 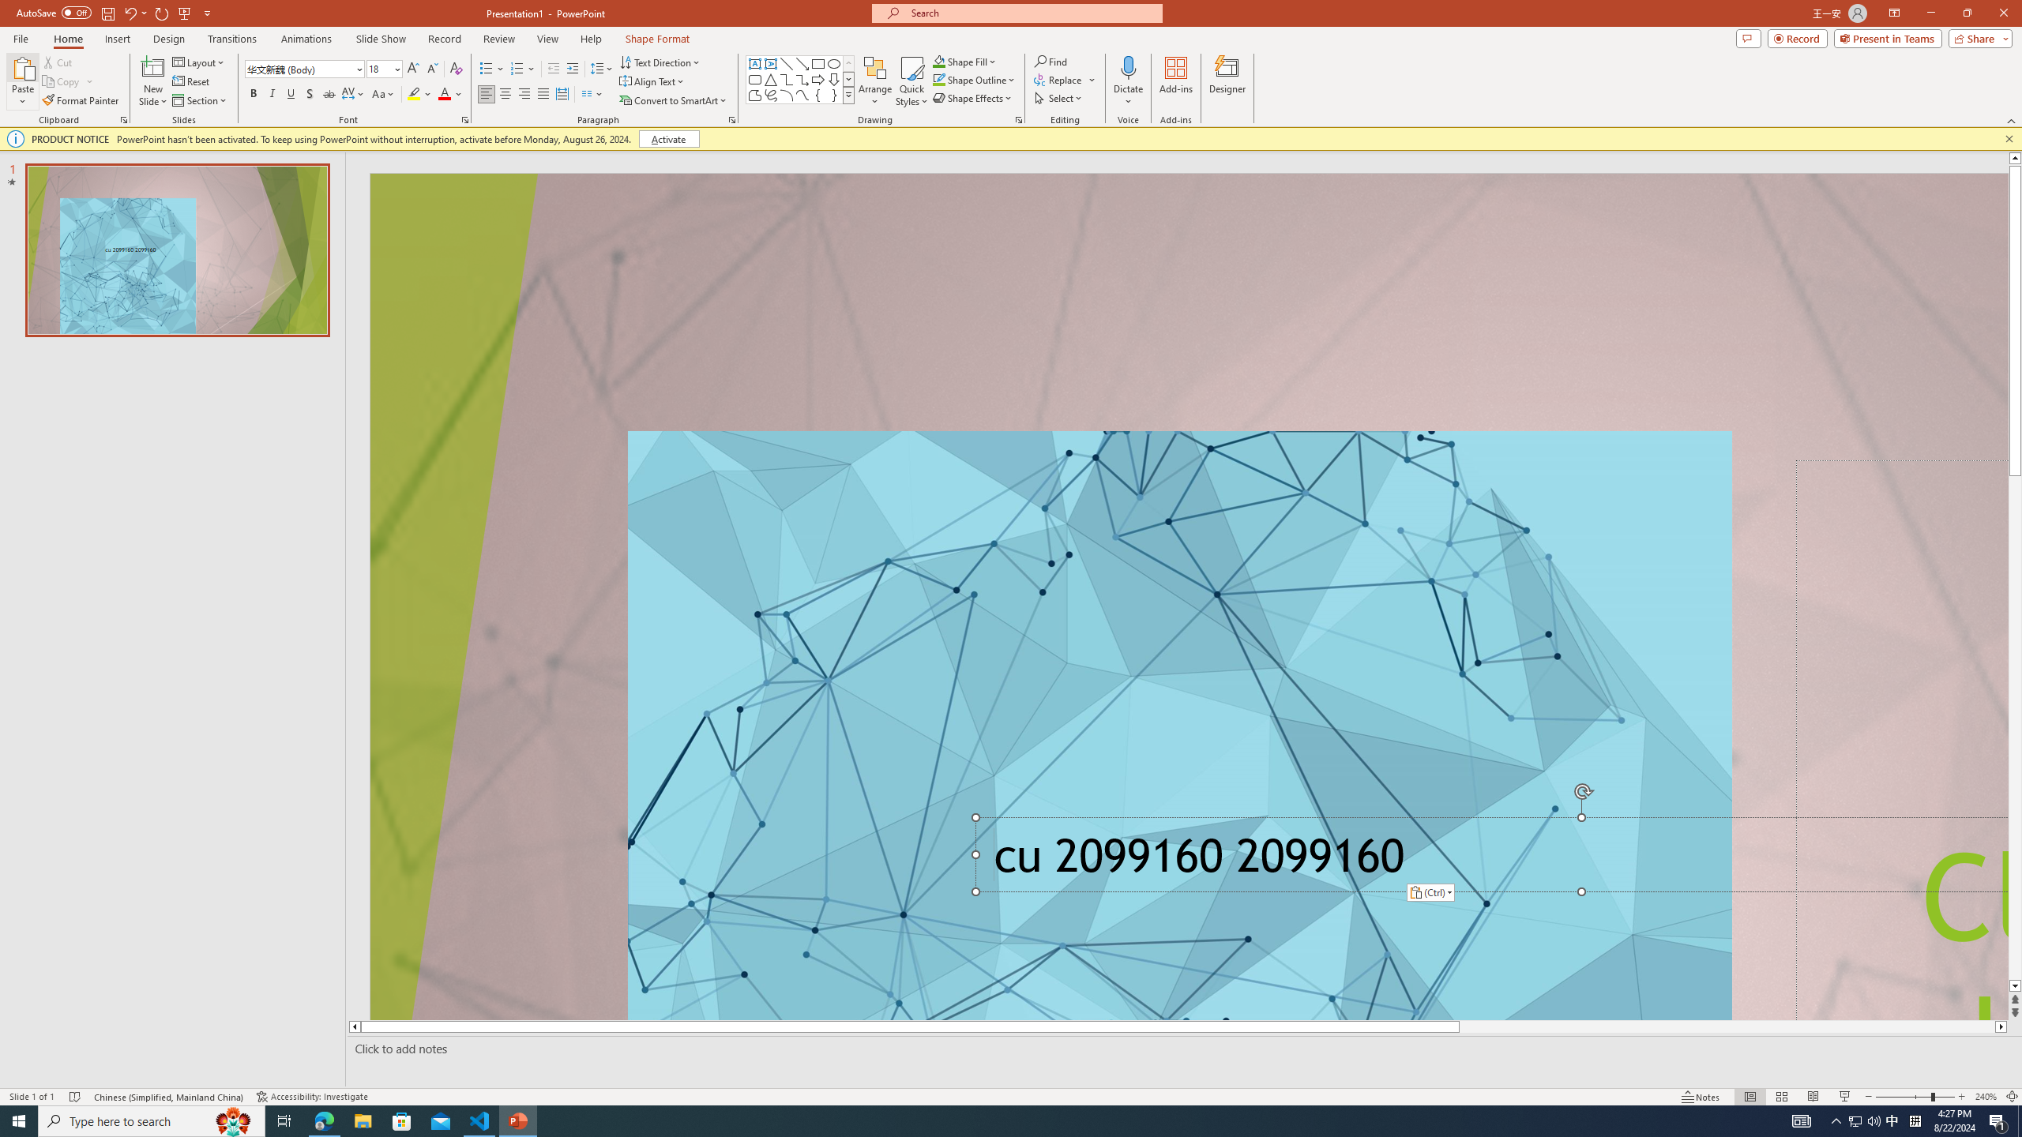 I want to click on 'Activate', so click(x=669, y=139).